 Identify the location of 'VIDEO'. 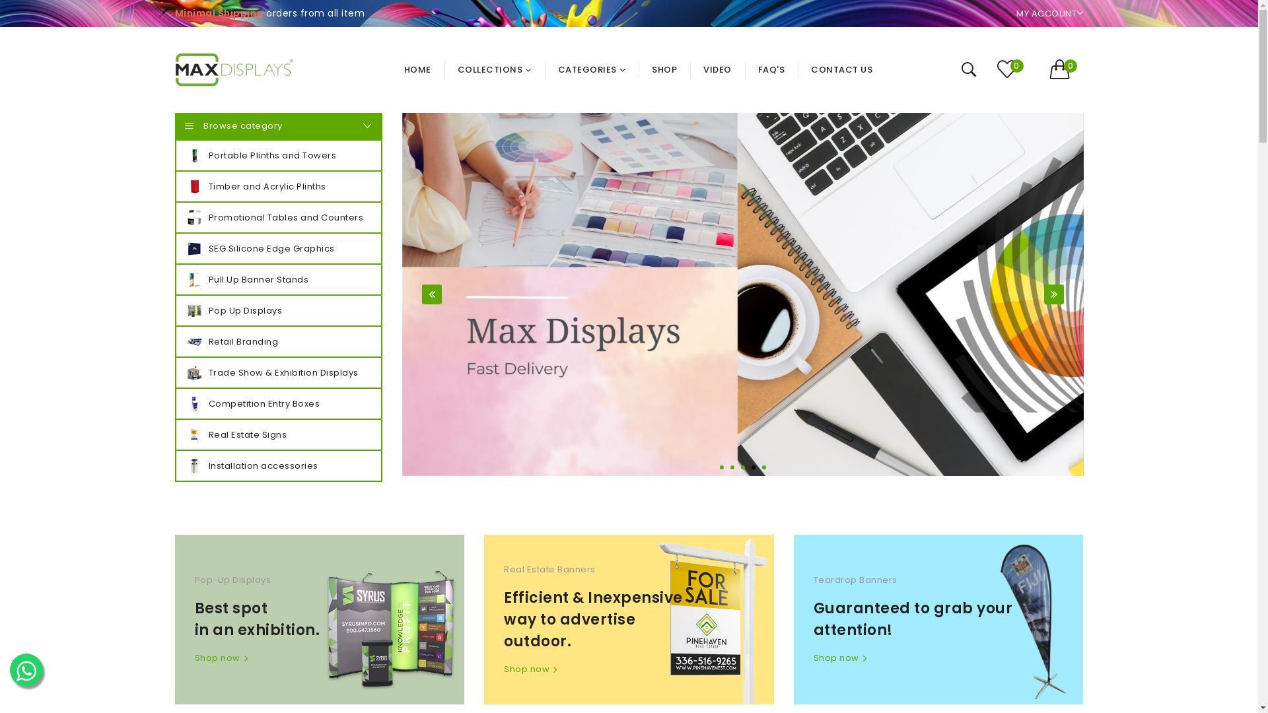
(717, 69).